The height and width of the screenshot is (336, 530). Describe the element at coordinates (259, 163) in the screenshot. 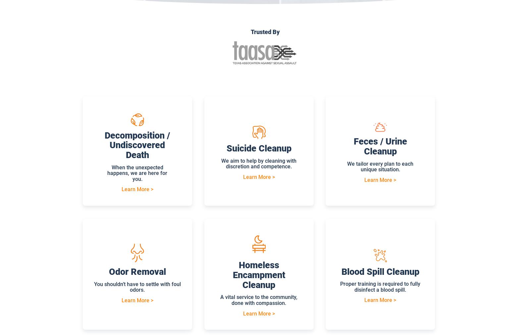

I see `'We aim to help by cleaning with discretion and competence.'` at that location.